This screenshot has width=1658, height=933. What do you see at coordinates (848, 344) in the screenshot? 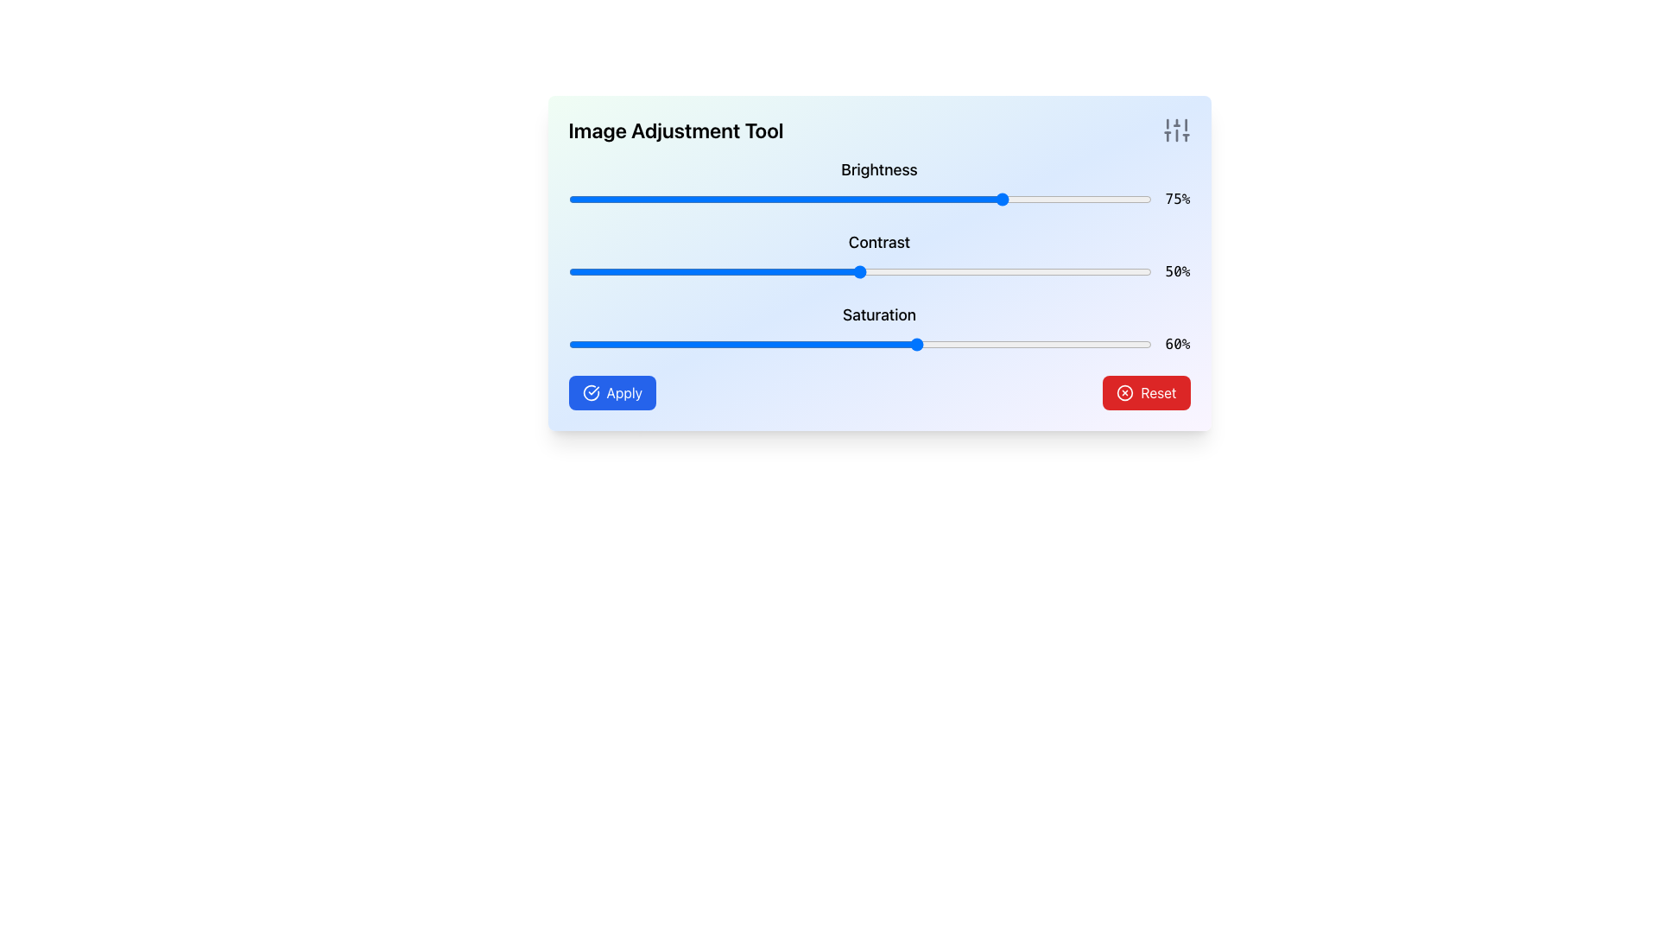
I see `the slider value` at bounding box center [848, 344].